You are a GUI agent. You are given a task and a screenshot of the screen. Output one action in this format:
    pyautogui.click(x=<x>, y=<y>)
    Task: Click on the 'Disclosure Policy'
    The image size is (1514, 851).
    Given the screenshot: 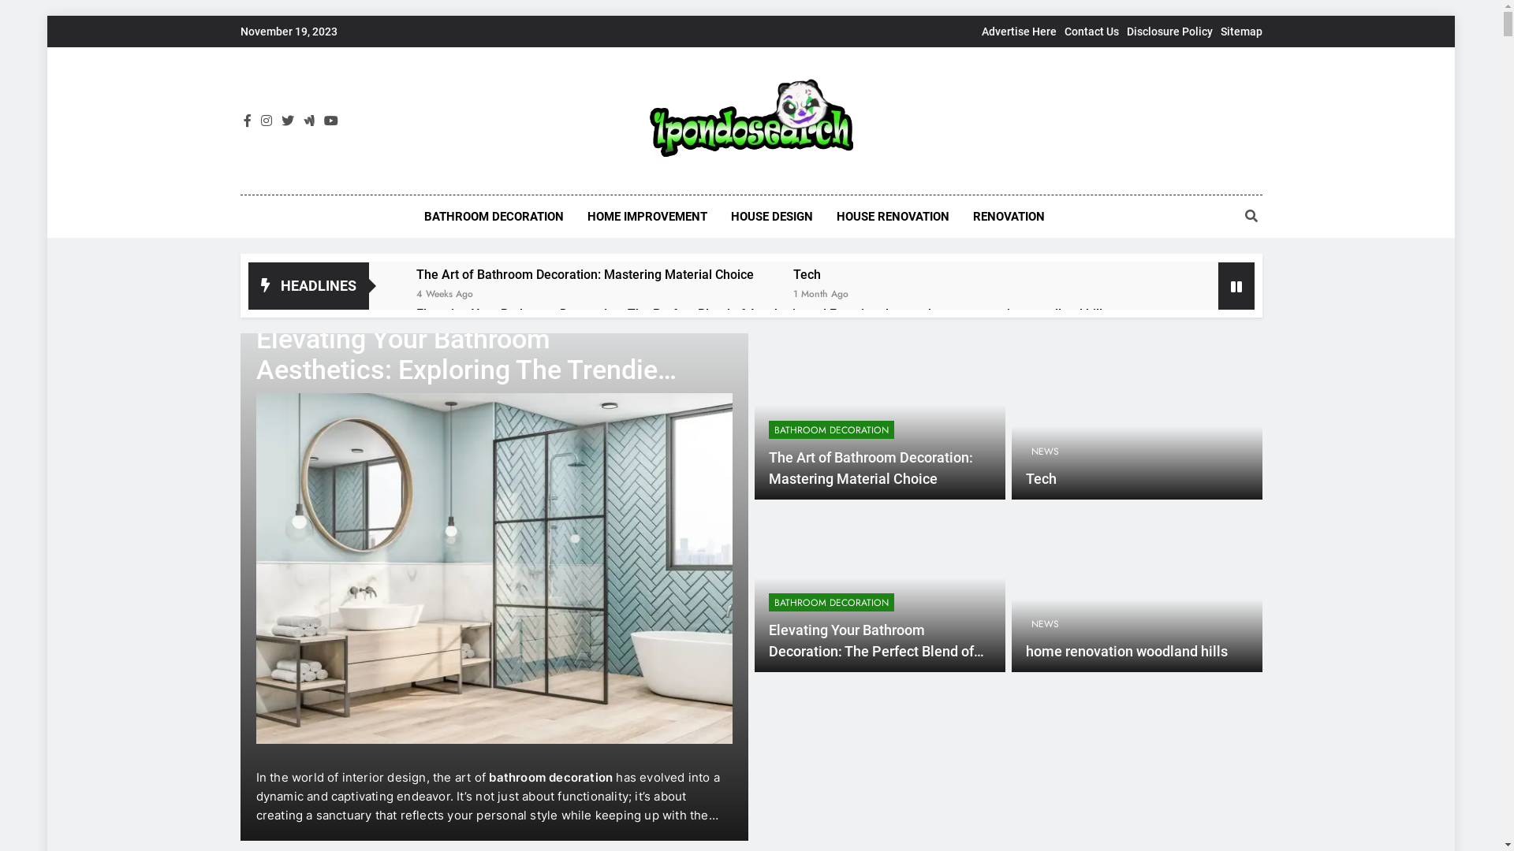 What is the action you would take?
    pyautogui.click(x=1169, y=31)
    